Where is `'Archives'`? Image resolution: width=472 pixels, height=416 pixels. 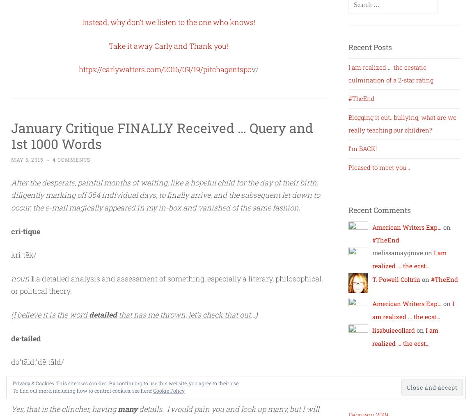
'Archives' is located at coordinates (364, 394).